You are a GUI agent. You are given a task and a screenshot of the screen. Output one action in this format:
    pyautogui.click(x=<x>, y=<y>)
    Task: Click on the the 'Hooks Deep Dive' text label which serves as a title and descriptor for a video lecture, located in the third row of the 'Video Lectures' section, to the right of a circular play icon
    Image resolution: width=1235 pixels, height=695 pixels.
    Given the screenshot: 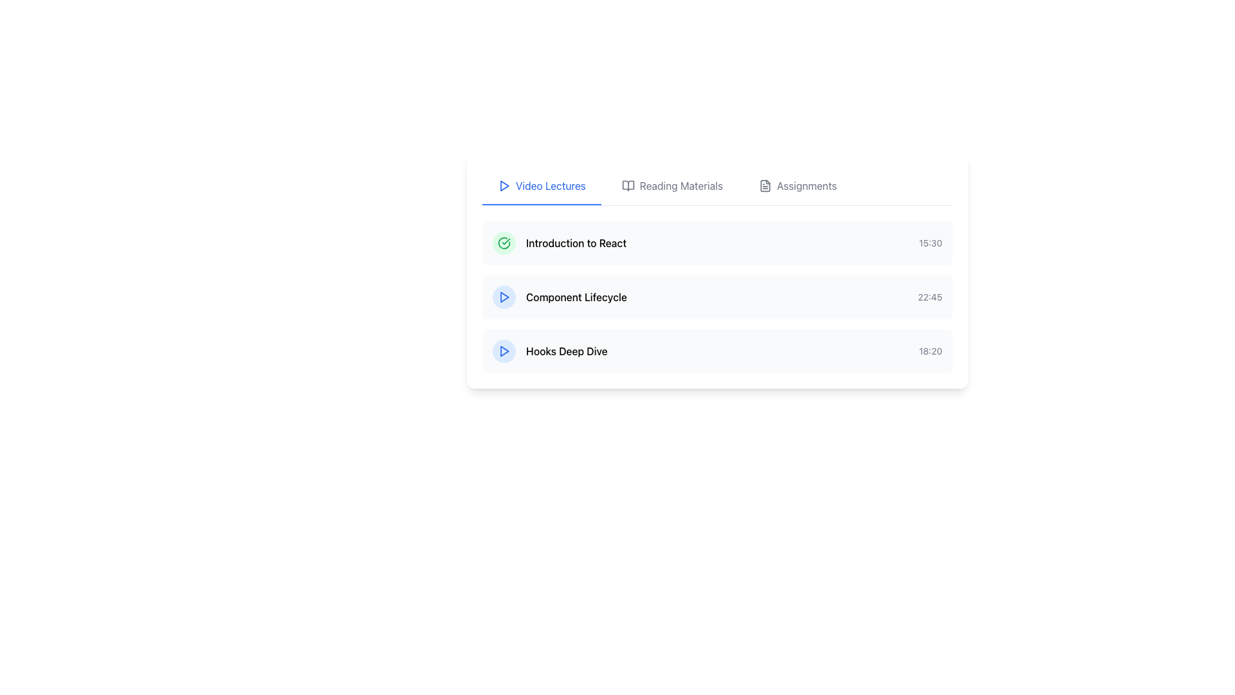 What is the action you would take?
    pyautogui.click(x=550, y=351)
    